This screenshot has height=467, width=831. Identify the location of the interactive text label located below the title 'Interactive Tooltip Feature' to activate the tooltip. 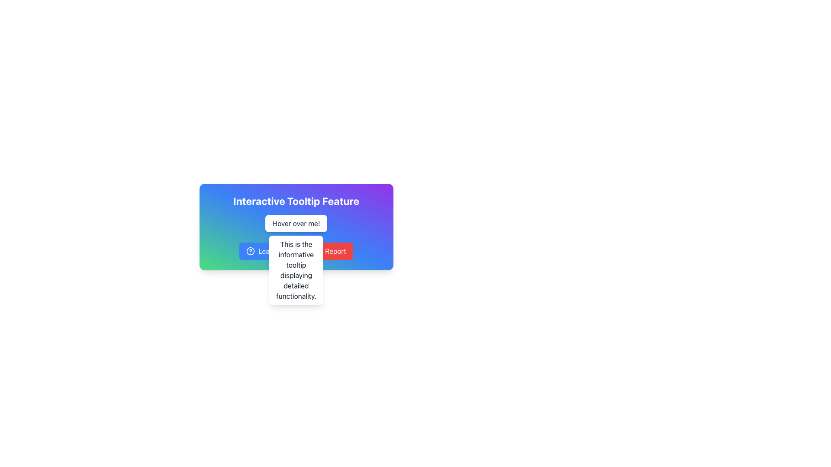
(296, 226).